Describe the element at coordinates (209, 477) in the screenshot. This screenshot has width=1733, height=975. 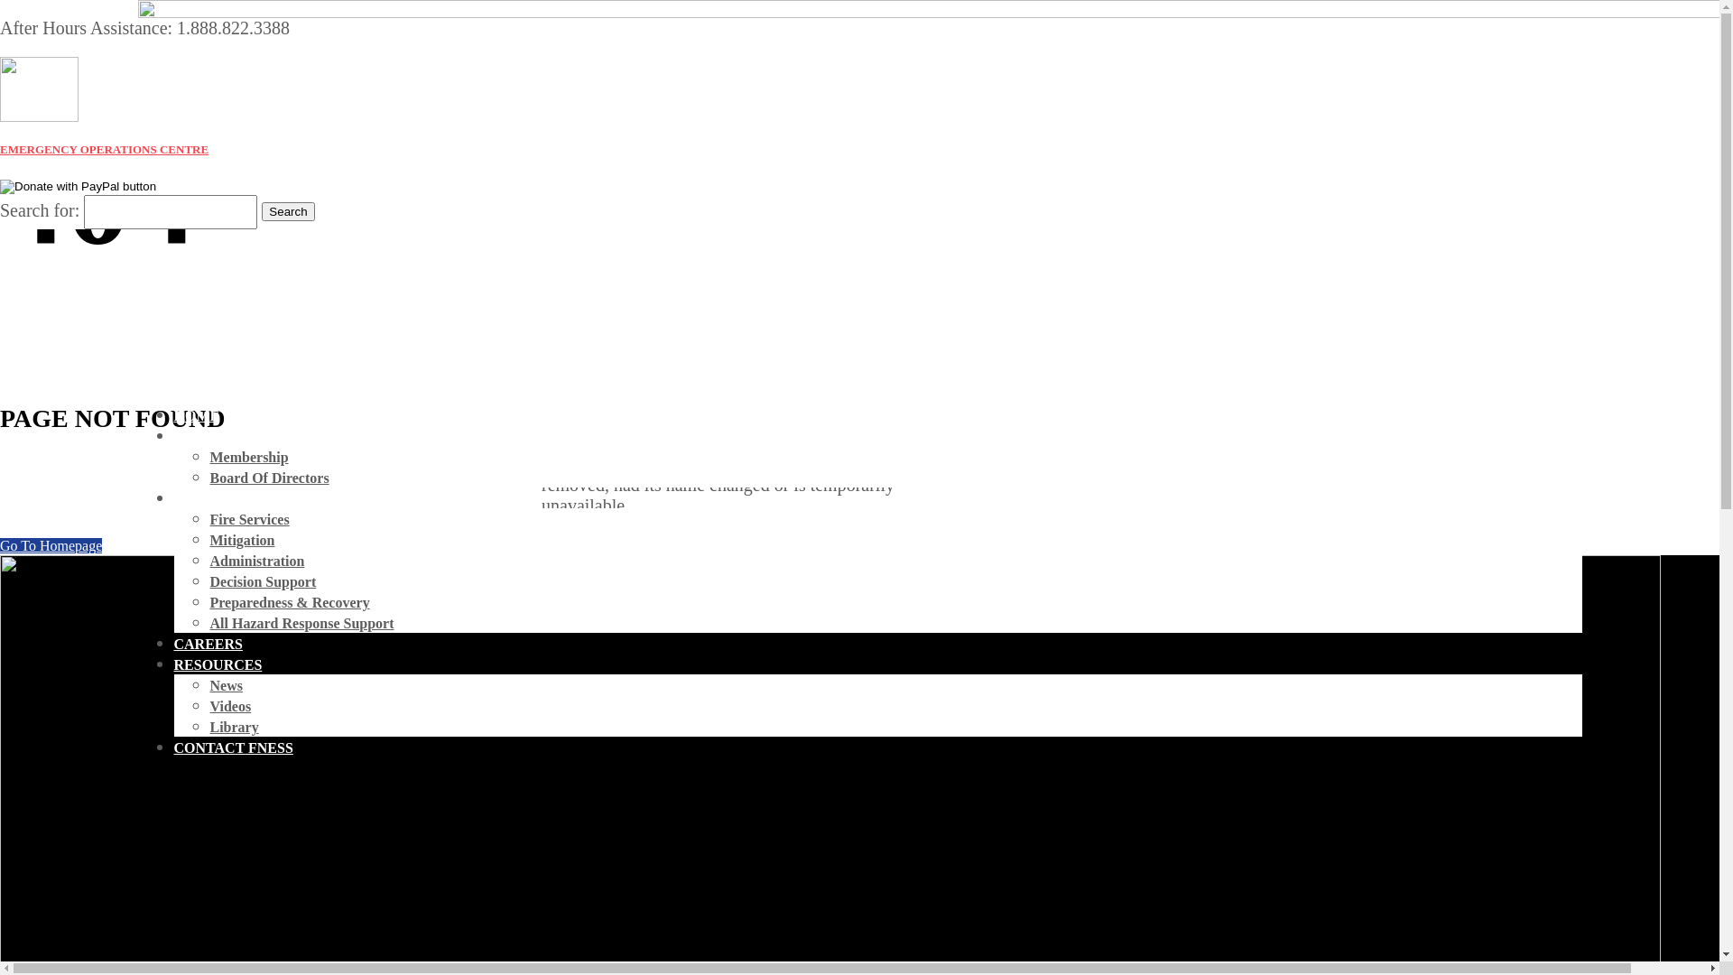
I see `'Board Of Directors'` at that location.